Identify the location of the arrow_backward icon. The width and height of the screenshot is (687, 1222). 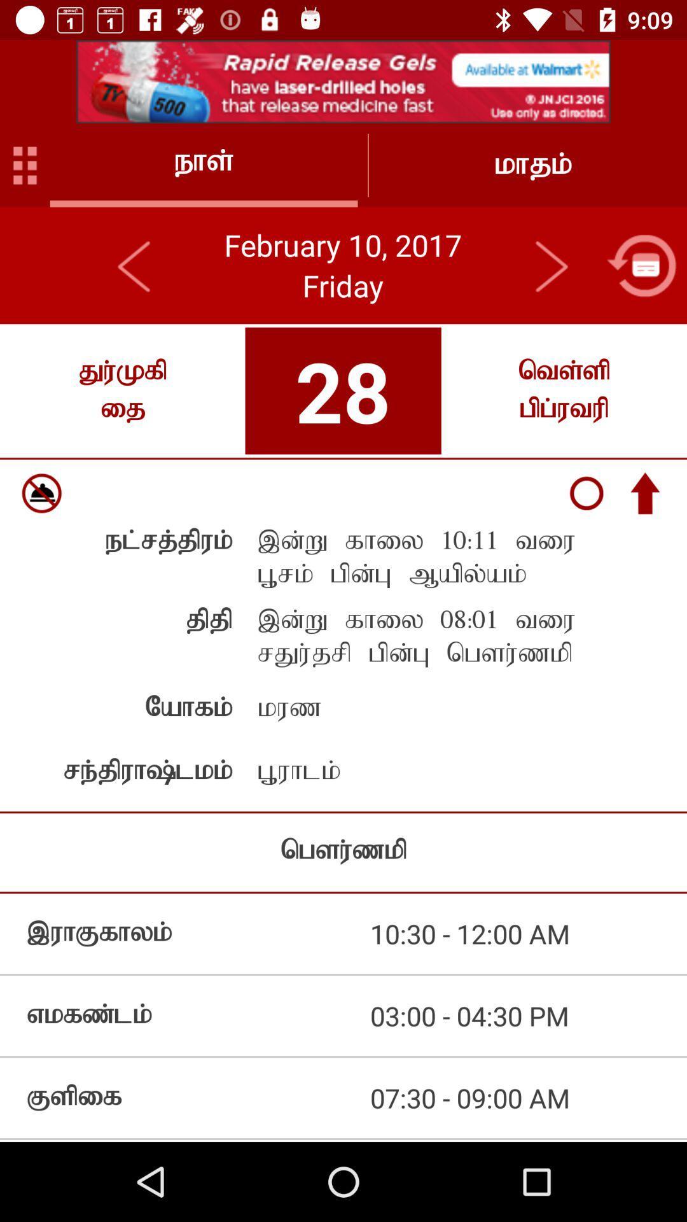
(135, 265).